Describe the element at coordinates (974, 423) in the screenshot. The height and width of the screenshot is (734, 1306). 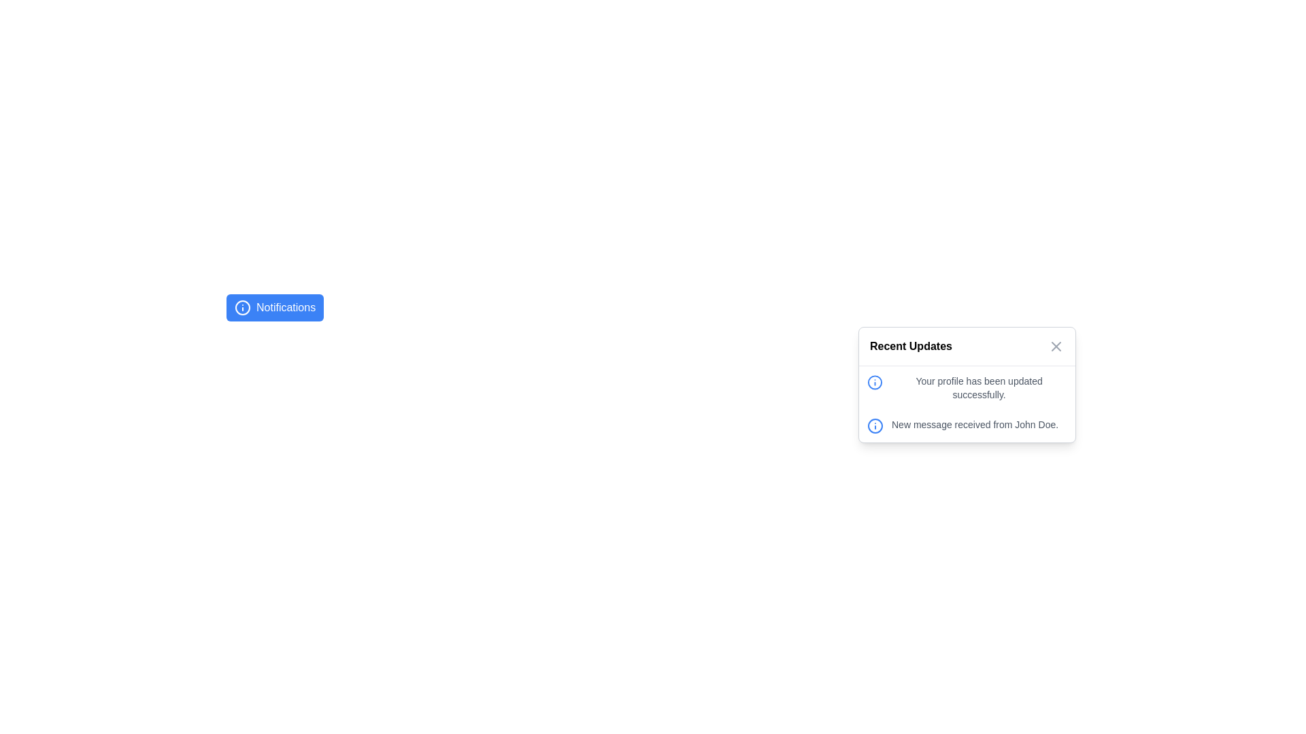
I see `the text label that reads 'New message received from John Doe.' within the notification system` at that location.